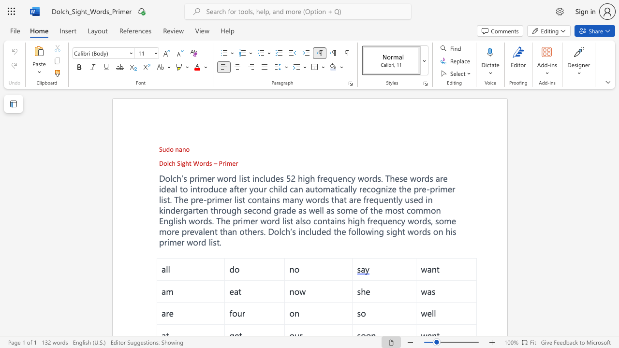  I want to click on the subset text "luded the follow" within the text "high frequency words, some more prevalent than others. Dolch’s included the following sight words on his primer word list.", so click(309, 232).